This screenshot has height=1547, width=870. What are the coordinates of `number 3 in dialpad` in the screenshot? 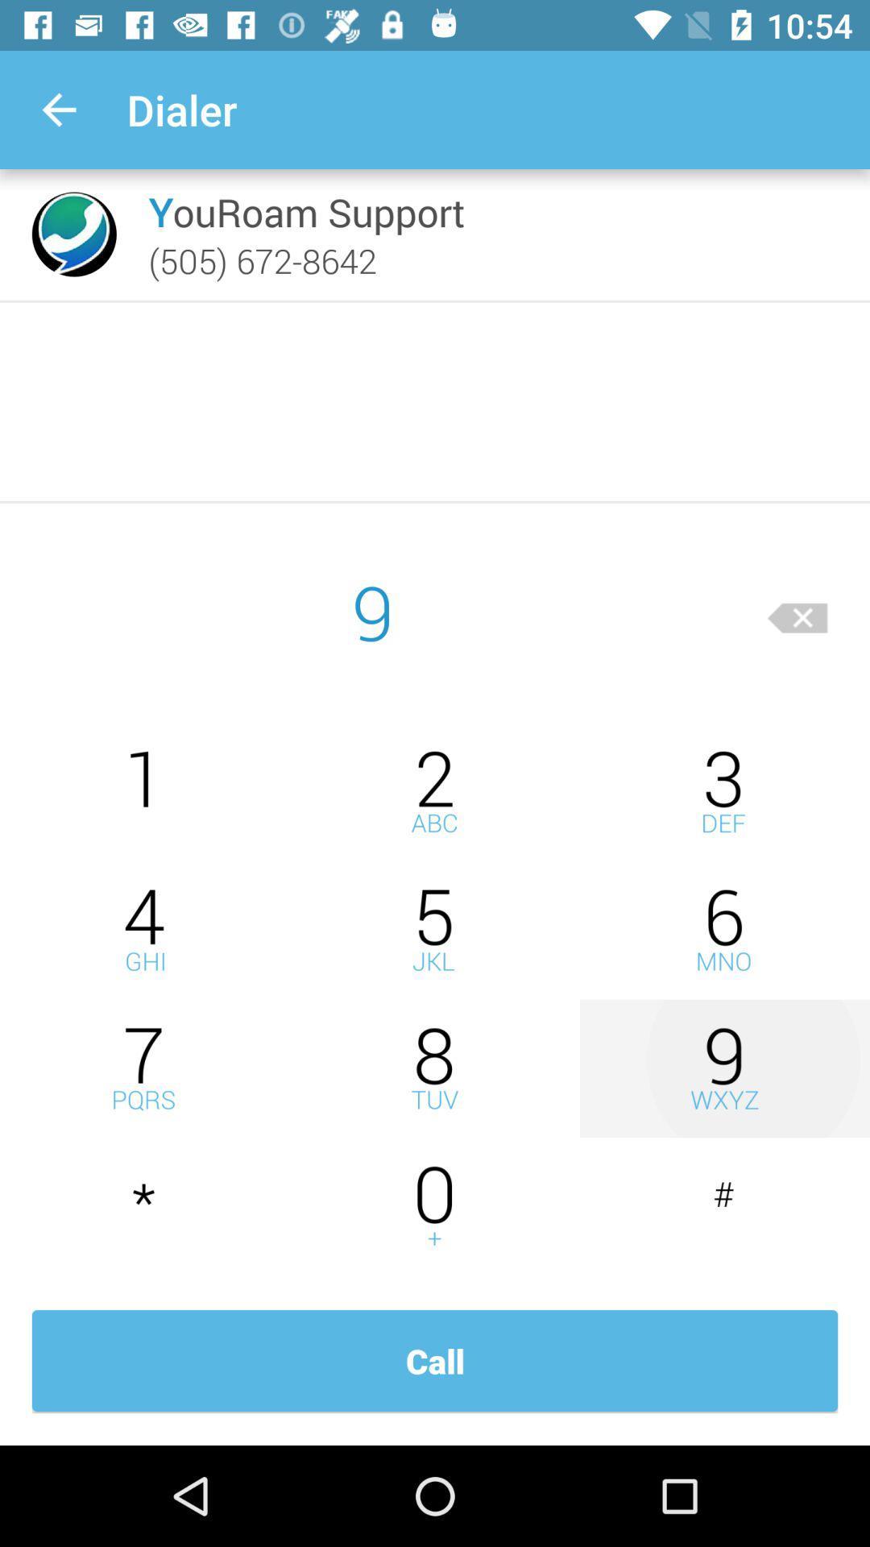 It's located at (723, 791).